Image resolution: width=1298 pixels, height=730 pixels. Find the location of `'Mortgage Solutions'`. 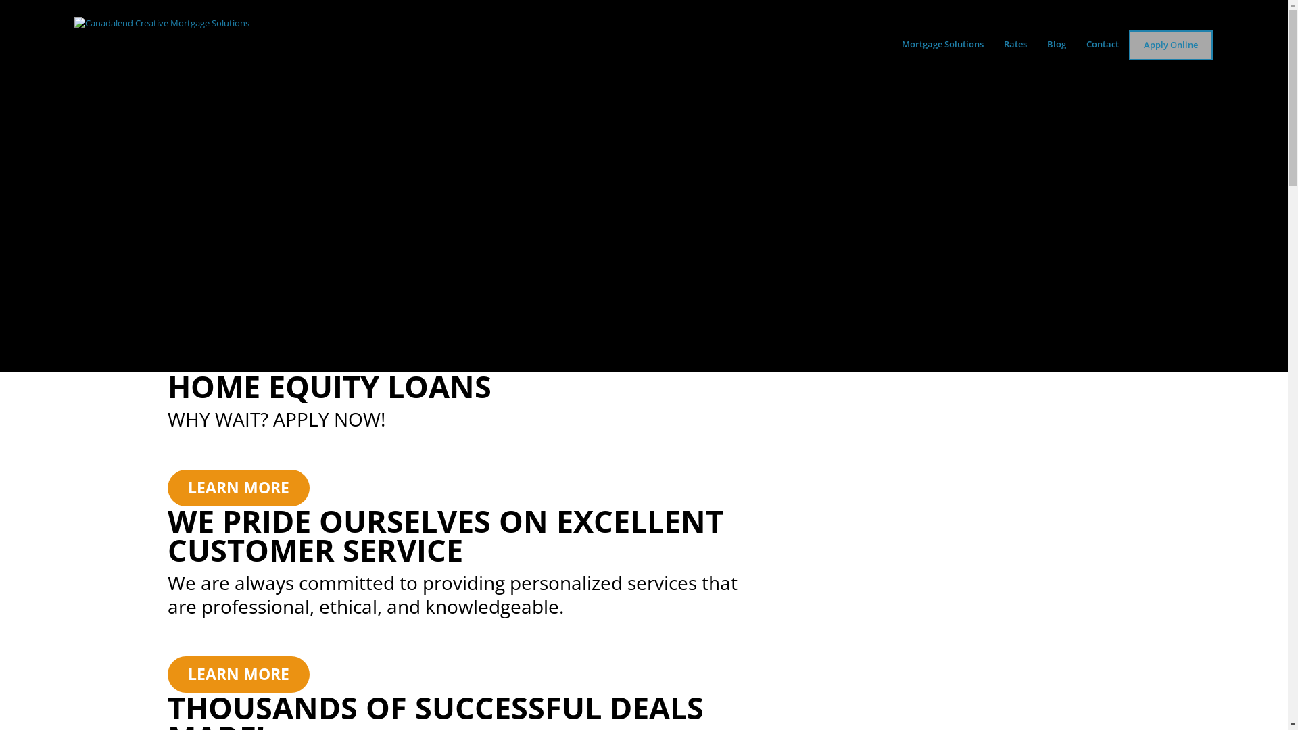

'Mortgage Solutions' is located at coordinates (942, 43).